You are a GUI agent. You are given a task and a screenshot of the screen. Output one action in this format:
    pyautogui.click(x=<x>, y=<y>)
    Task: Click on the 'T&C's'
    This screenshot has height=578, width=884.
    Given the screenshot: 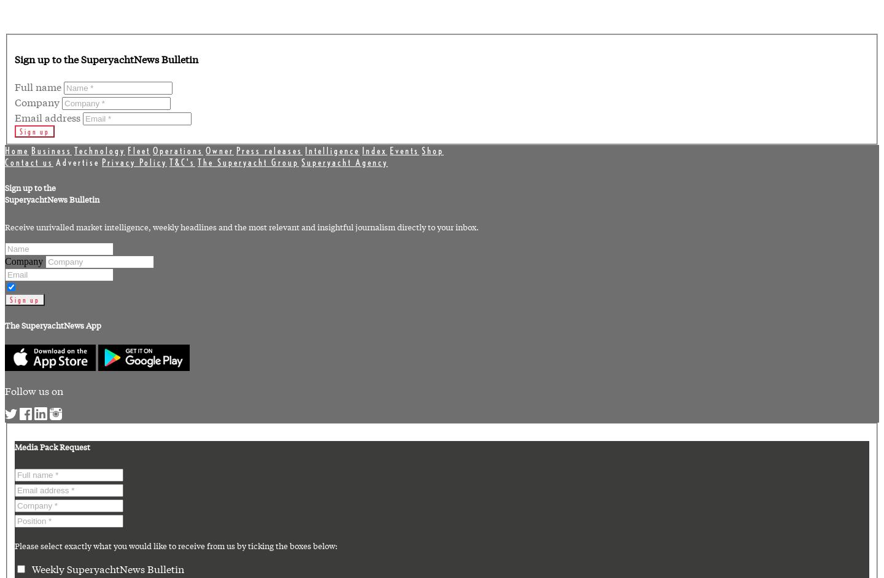 What is the action you would take?
    pyautogui.click(x=181, y=162)
    